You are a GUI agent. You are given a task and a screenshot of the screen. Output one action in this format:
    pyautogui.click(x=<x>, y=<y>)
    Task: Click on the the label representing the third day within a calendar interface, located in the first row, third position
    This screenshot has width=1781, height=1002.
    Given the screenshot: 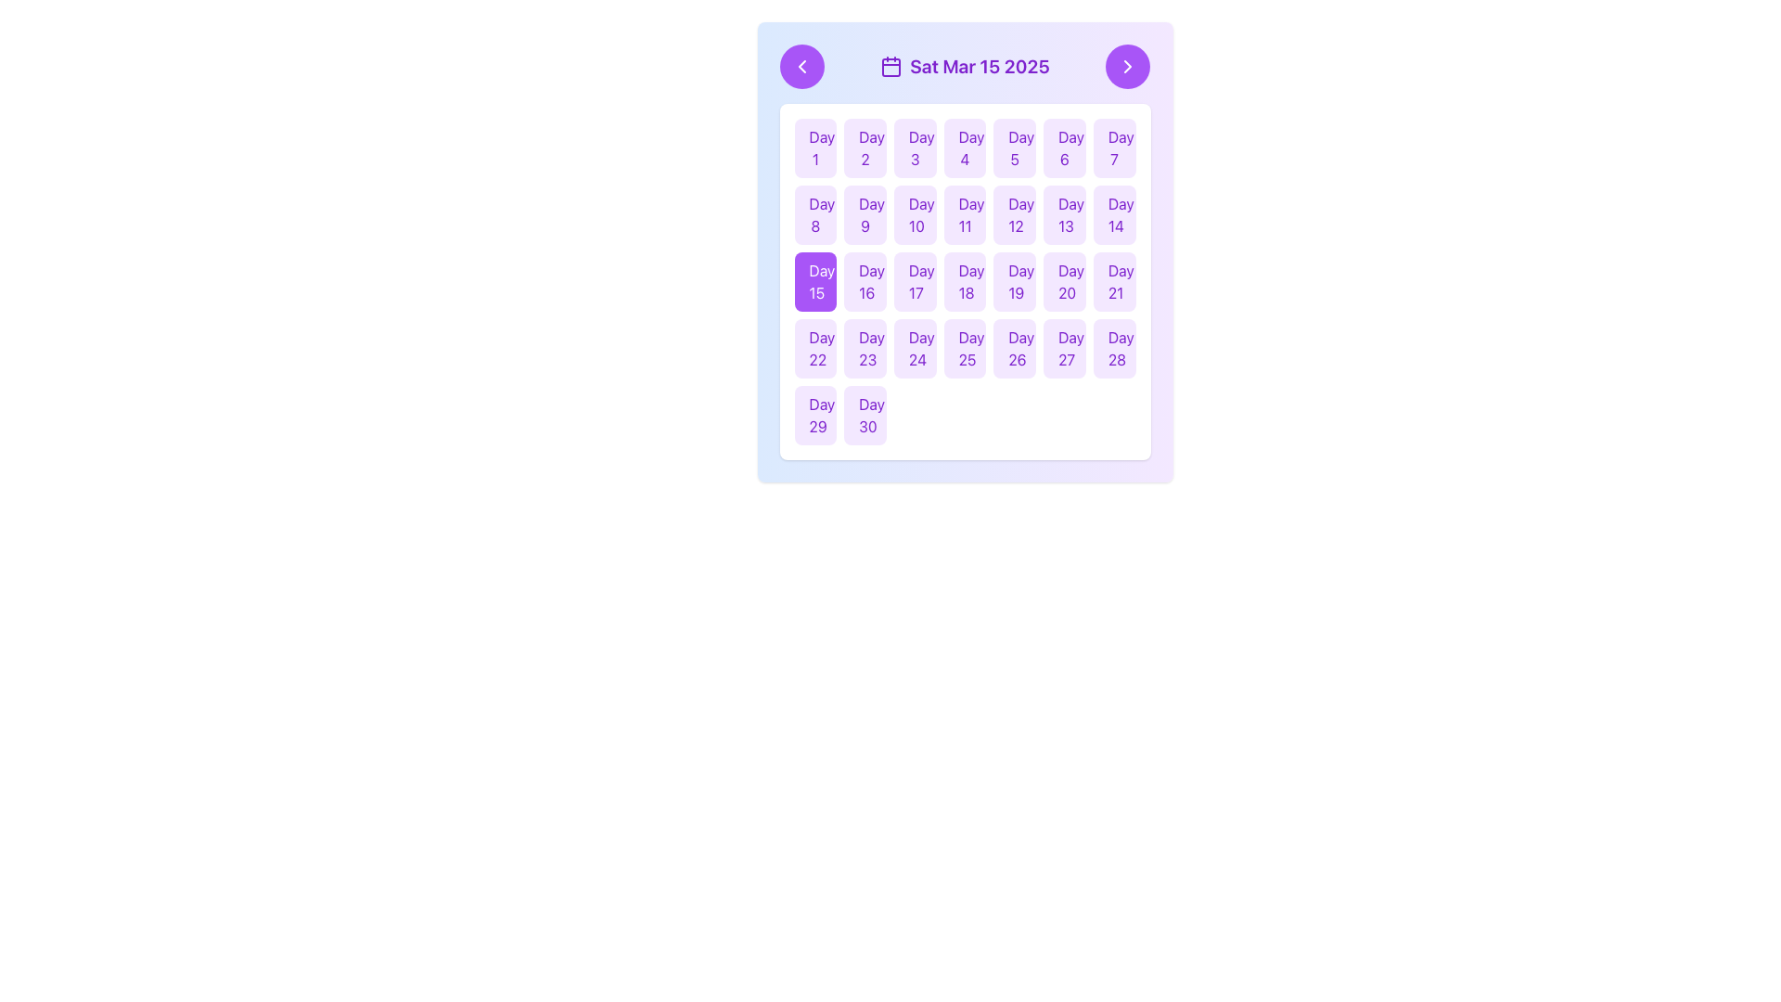 What is the action you would take?
    pyautogui.click(x=915, y=147)
    